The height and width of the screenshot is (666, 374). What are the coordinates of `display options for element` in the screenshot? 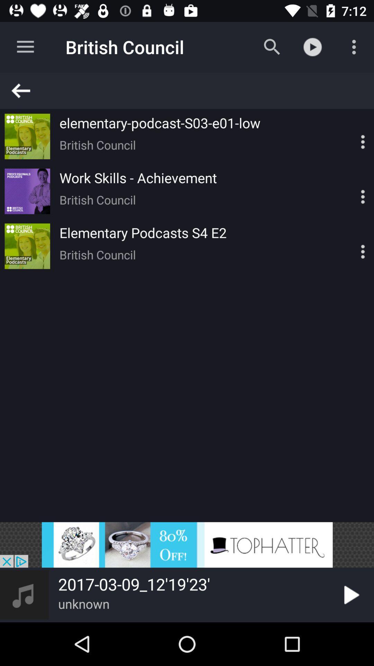 It's located at (351, 246).